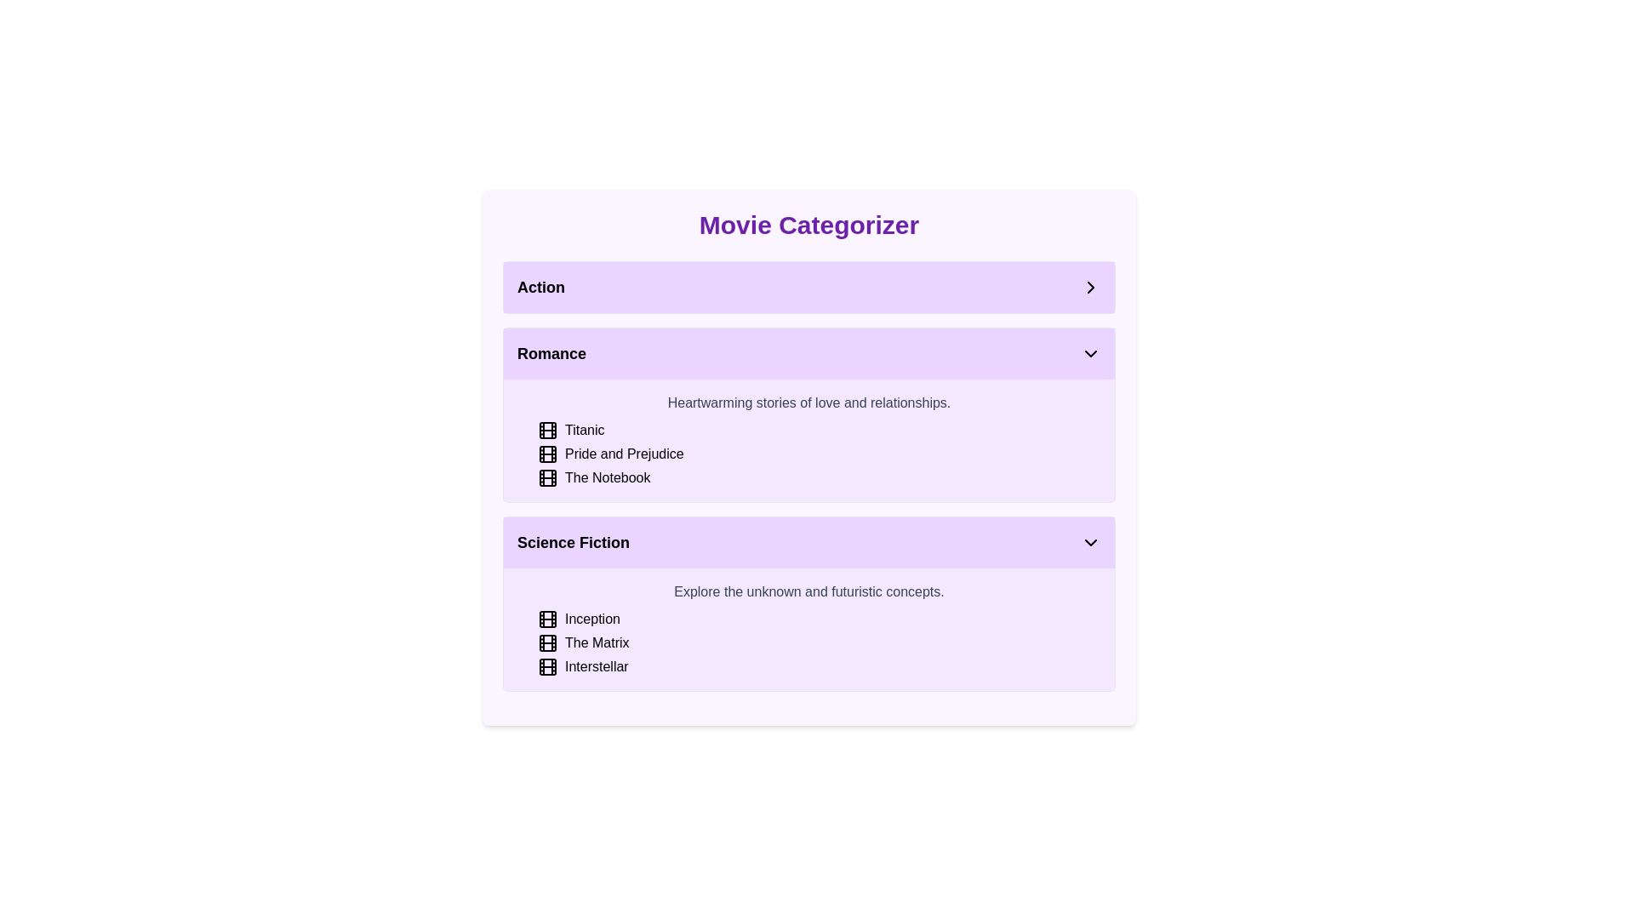  Describe the element at coordinates (808, 287) in the screenshot. I see `the 'Action' category selector in the movie categorization interface` at that location.